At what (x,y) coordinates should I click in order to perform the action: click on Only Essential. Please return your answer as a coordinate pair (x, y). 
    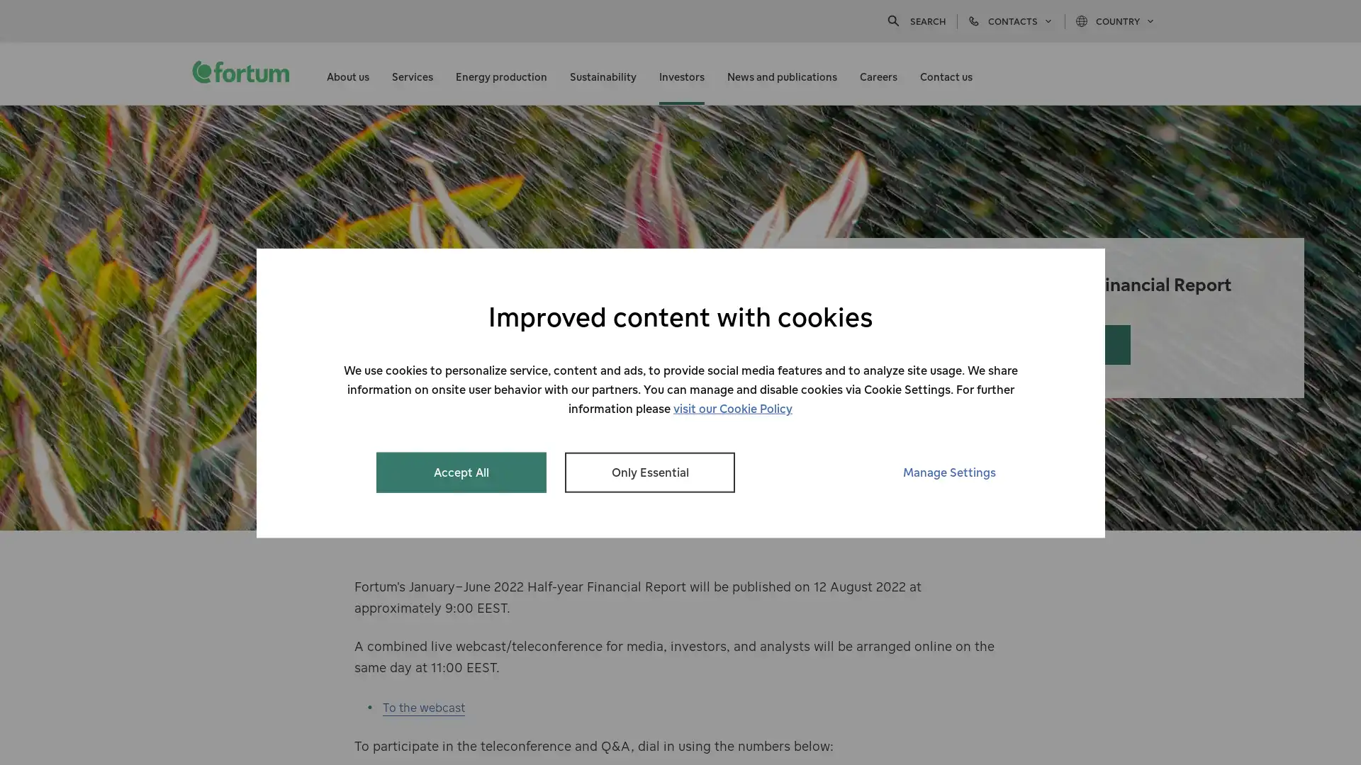
    Looking at the image, I should click on (649, 472).